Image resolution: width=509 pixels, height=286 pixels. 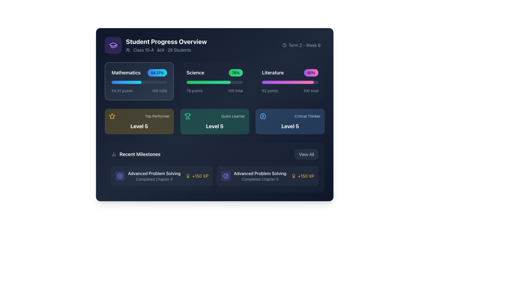 I want to click on the 'Advanced Problem Solving' text label in the 'Recent Milestones' section, which is styled with a white font against a dark background, so click(x=260, y=173).